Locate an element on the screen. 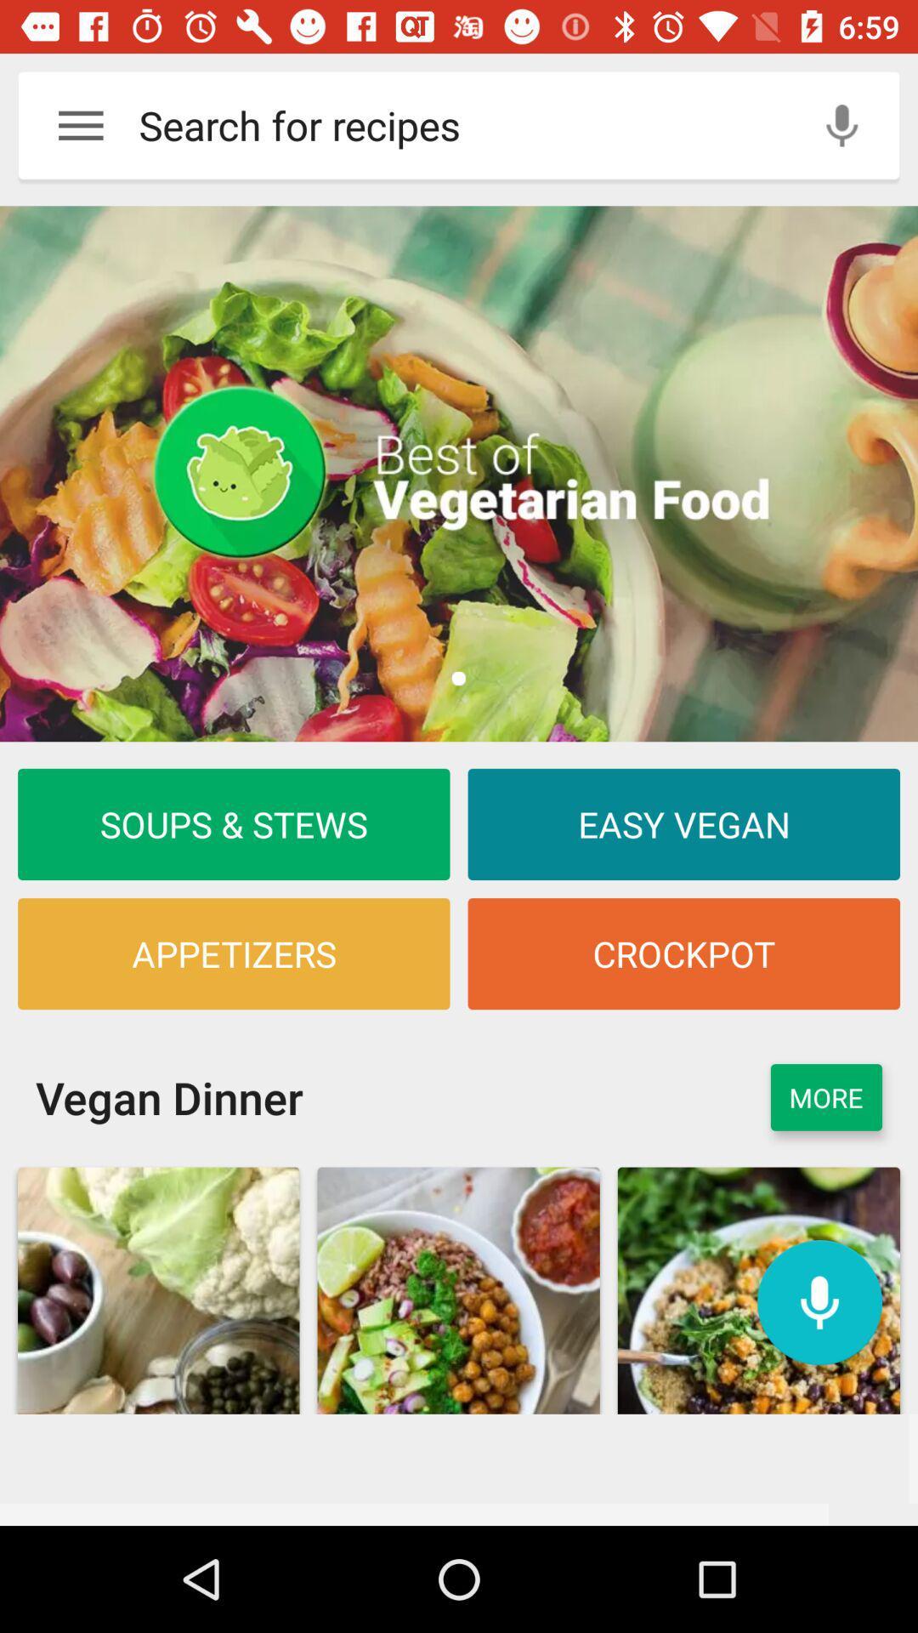 This screenshot has width=918, height=1633. the microphone icon is located at coordinates (819, 1301).